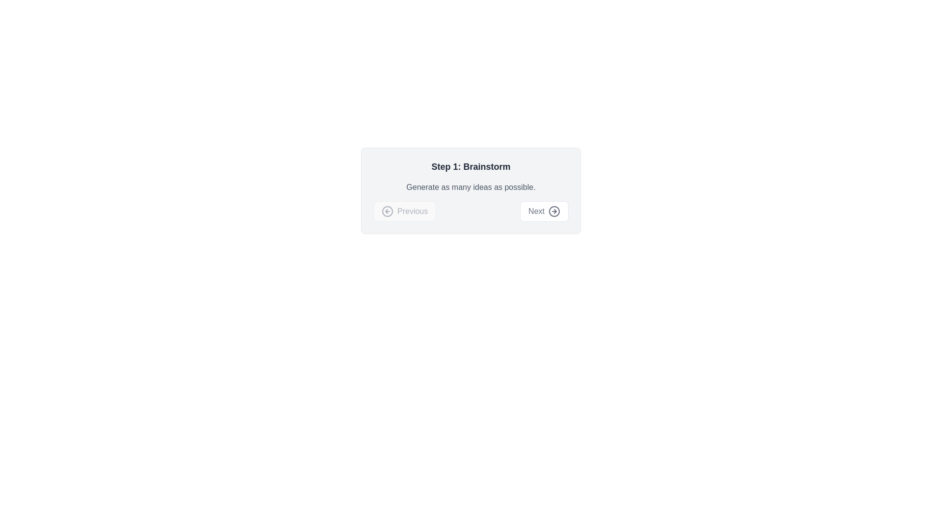 Image resolution: width=942 pixels, height=530 pixels. I want to click on the backward navigation Icon located within the 'Previous' button on the bottom-left corner of the interface box to receive additional visual feedback, so click(387, 211).